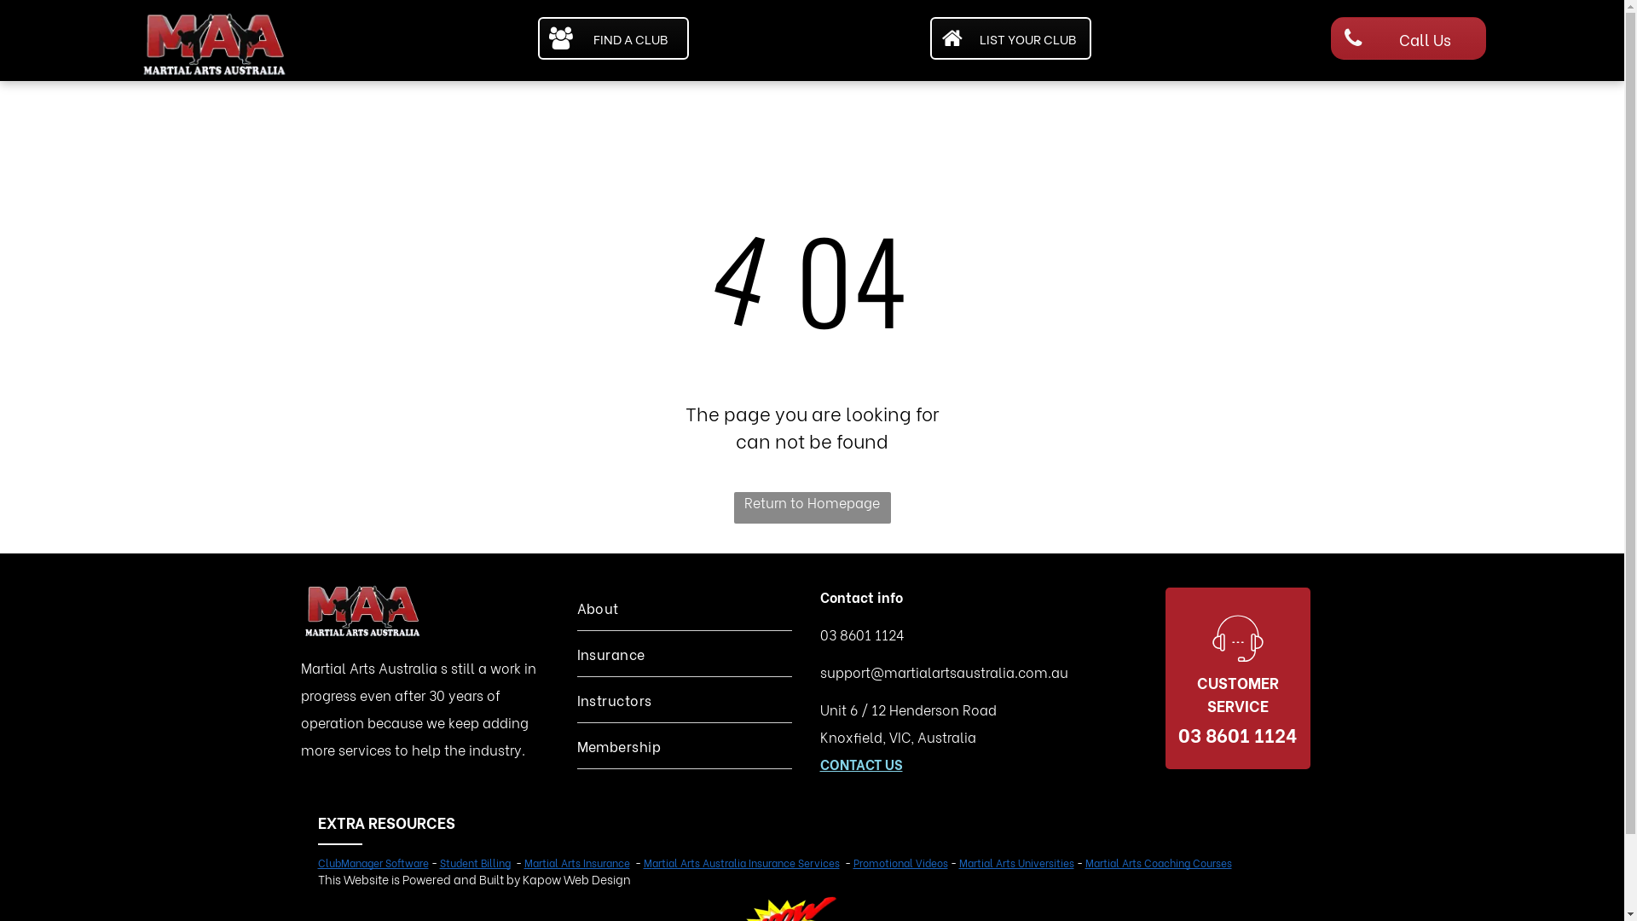  I want to click on 'Martial Arts Insurance', so click(576, 862).